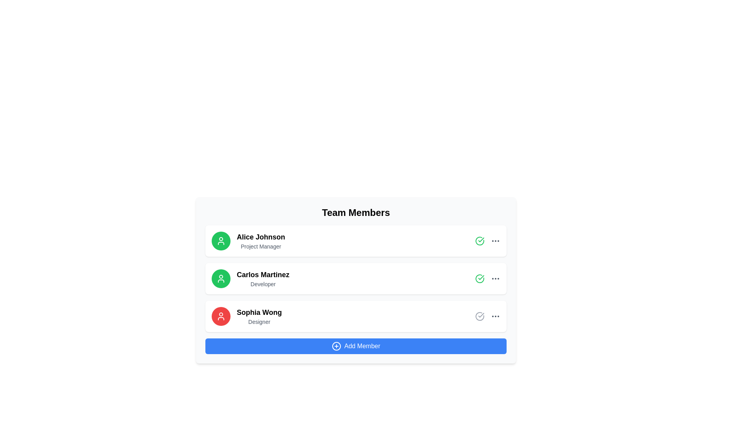  Describe the element at coordinates (259, 312) in the screenshot. I see `the text label displaying the name 'Sophia Wong' located at the top part of the third user info card in the 'Team Members' section` at that location.